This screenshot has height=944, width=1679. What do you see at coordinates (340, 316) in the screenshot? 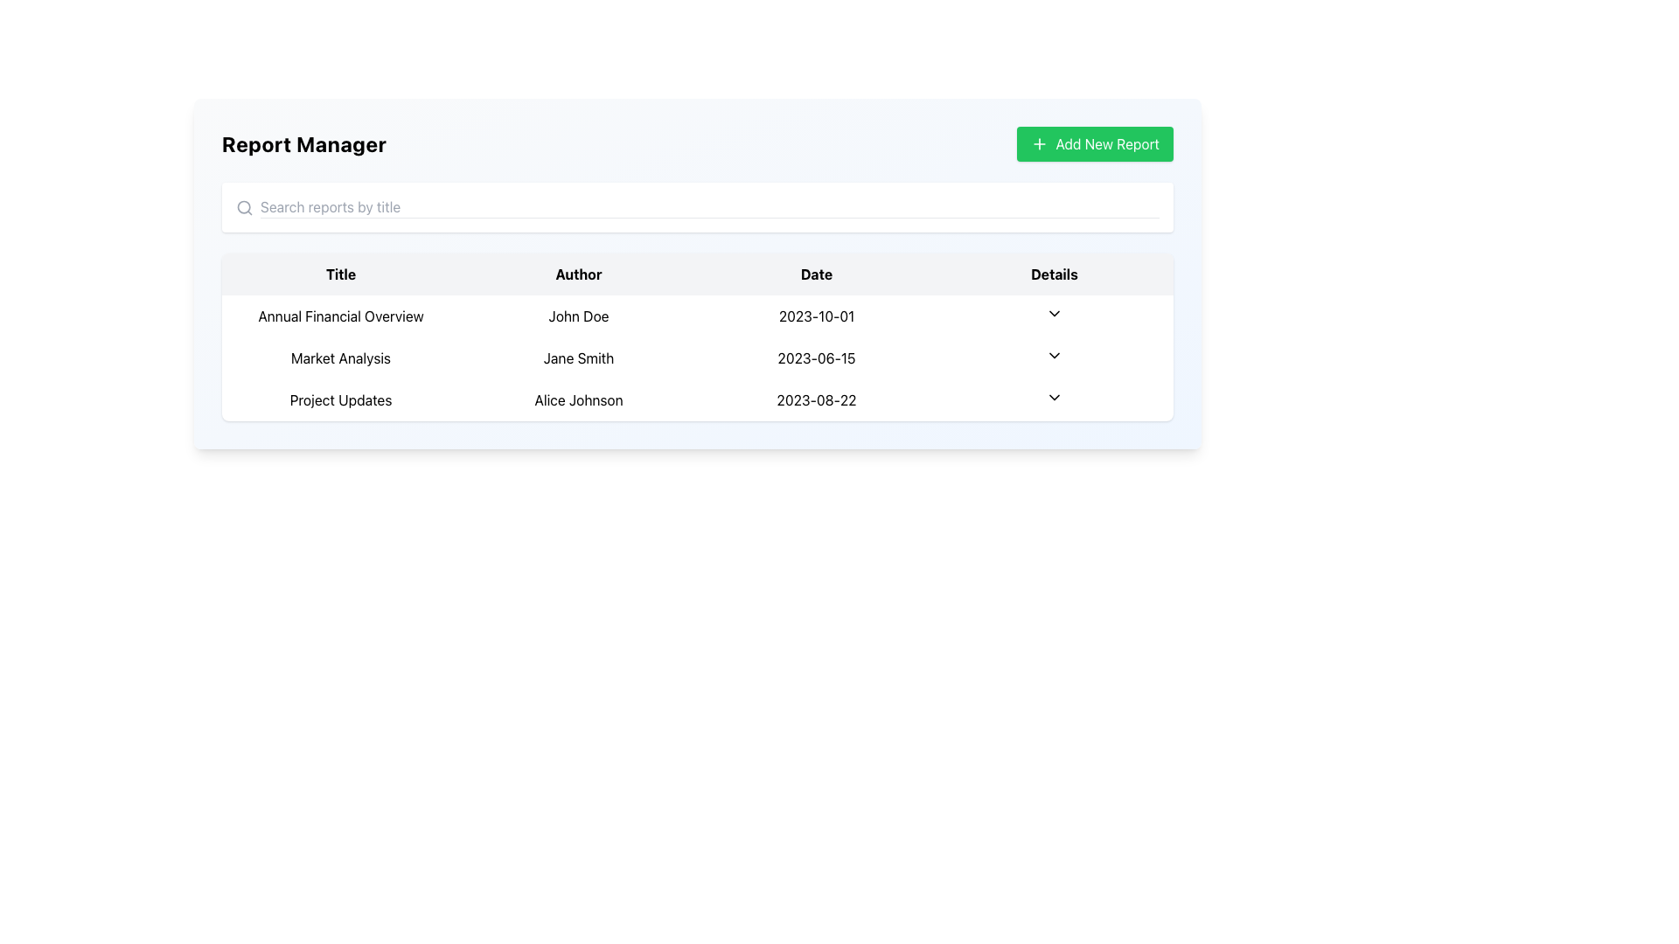
I see `the text label which serves as the title or heading for a document, located in the first entry under the 'Title' column, adjacent to 'John Doe' in the 'Author' column, and aligned with '2023-10-01' in the 'Date' column` at bounding box center [340, 316].